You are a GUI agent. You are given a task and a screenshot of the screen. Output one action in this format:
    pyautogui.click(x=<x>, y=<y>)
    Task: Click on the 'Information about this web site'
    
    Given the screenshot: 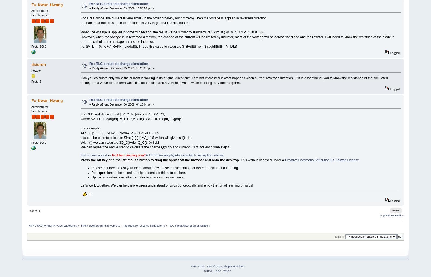 What is the action you would take?
    pyautogui.click(x=100, y=225)
    